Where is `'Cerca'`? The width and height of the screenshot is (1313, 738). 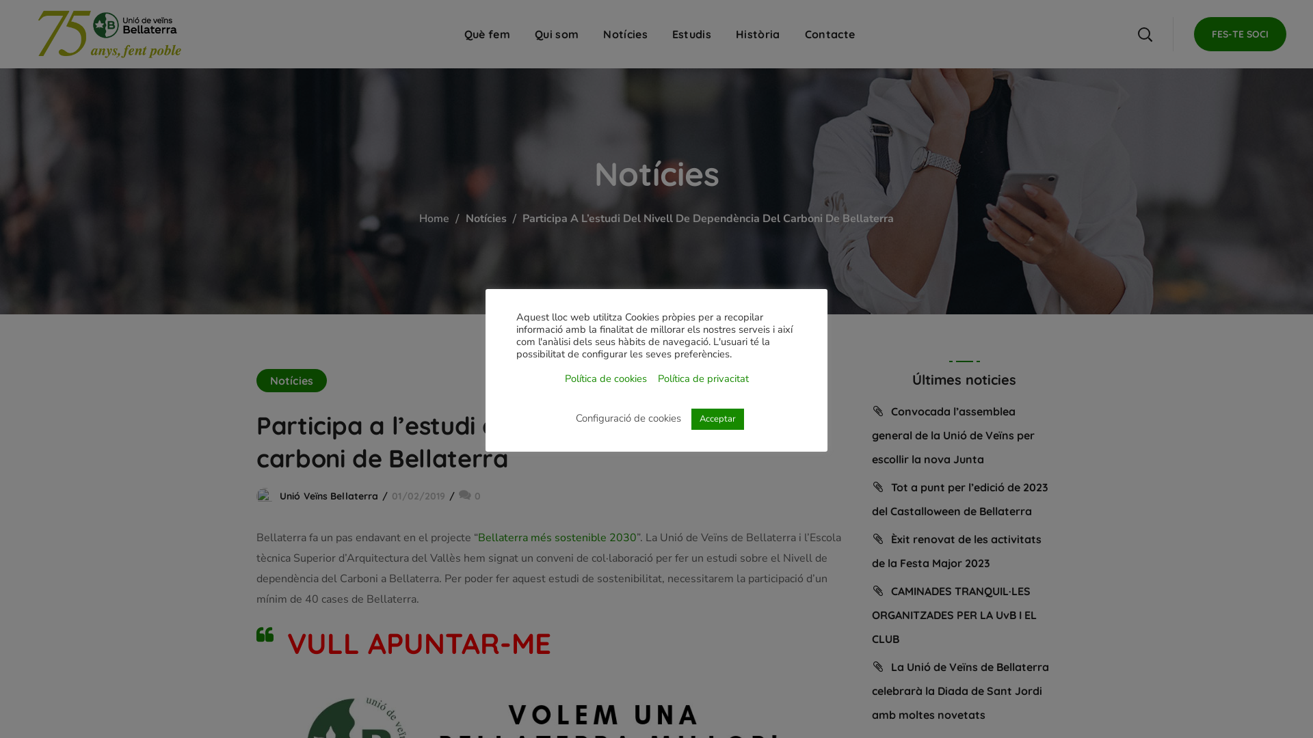 'Cerca' is located at coordinates (1109, 33).